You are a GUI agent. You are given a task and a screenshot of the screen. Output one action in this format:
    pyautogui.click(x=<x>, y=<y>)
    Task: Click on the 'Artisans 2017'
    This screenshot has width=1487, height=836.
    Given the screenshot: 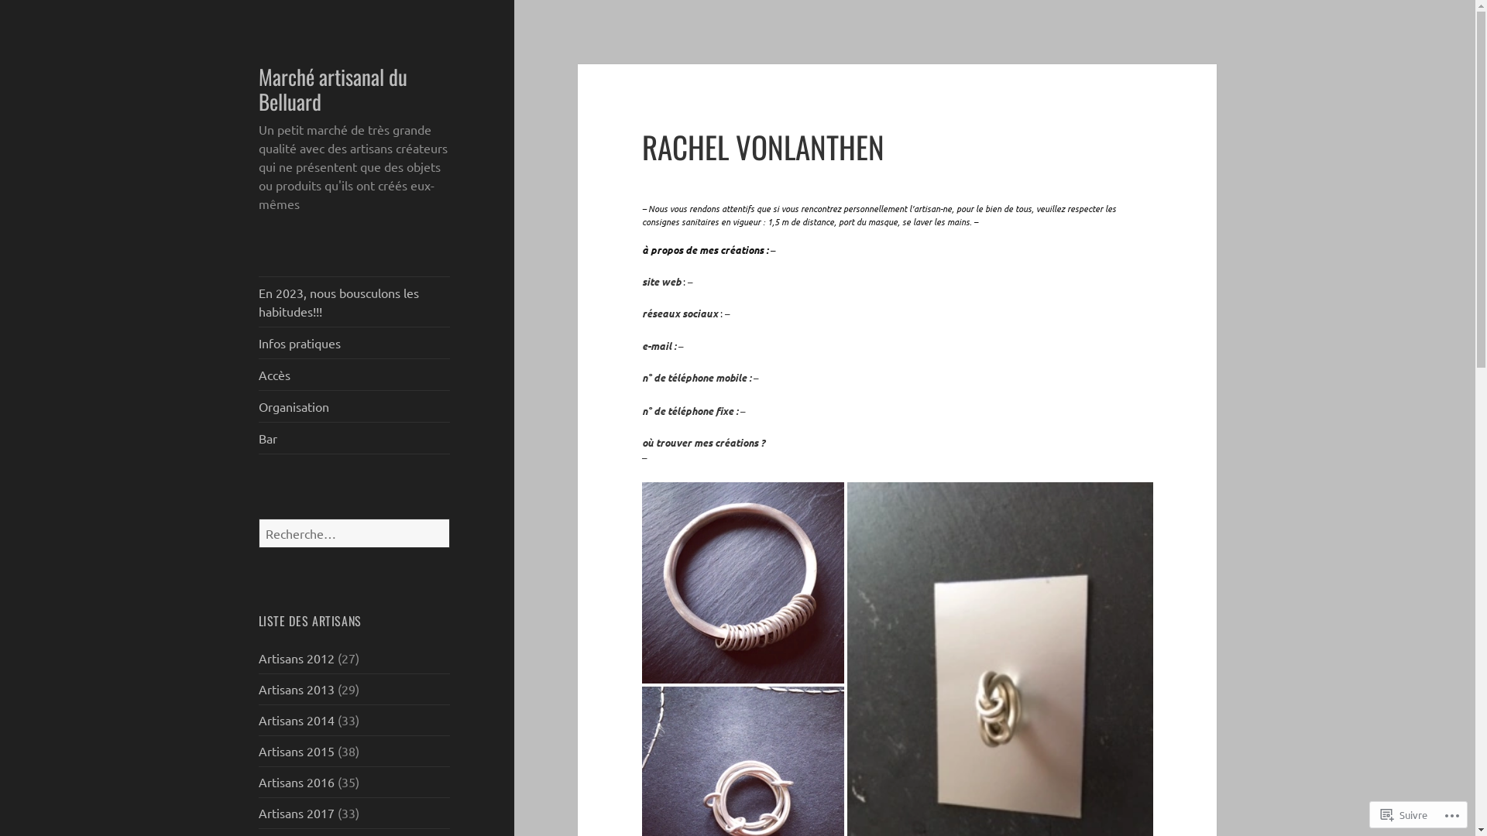 What is the action you would take?
    pyautogui.click(x=297, y=811)
    